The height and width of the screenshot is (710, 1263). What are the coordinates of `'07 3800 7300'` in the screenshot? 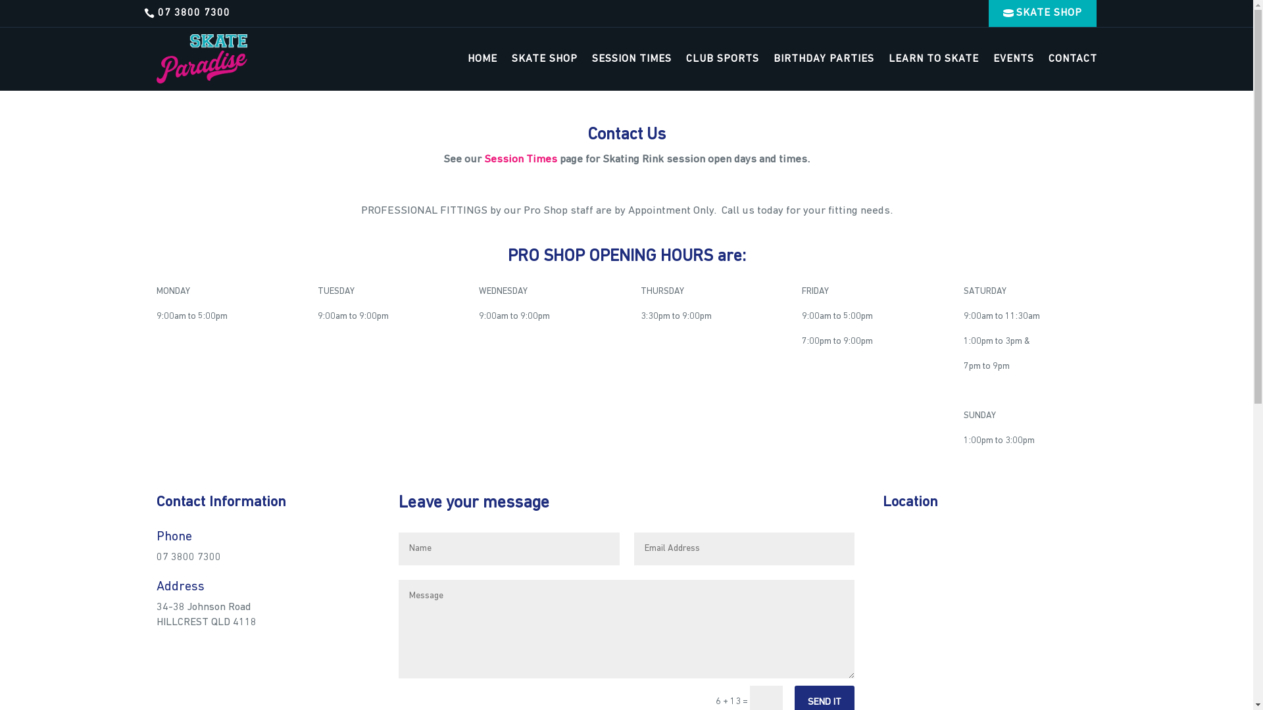 It's located at (157, 13).